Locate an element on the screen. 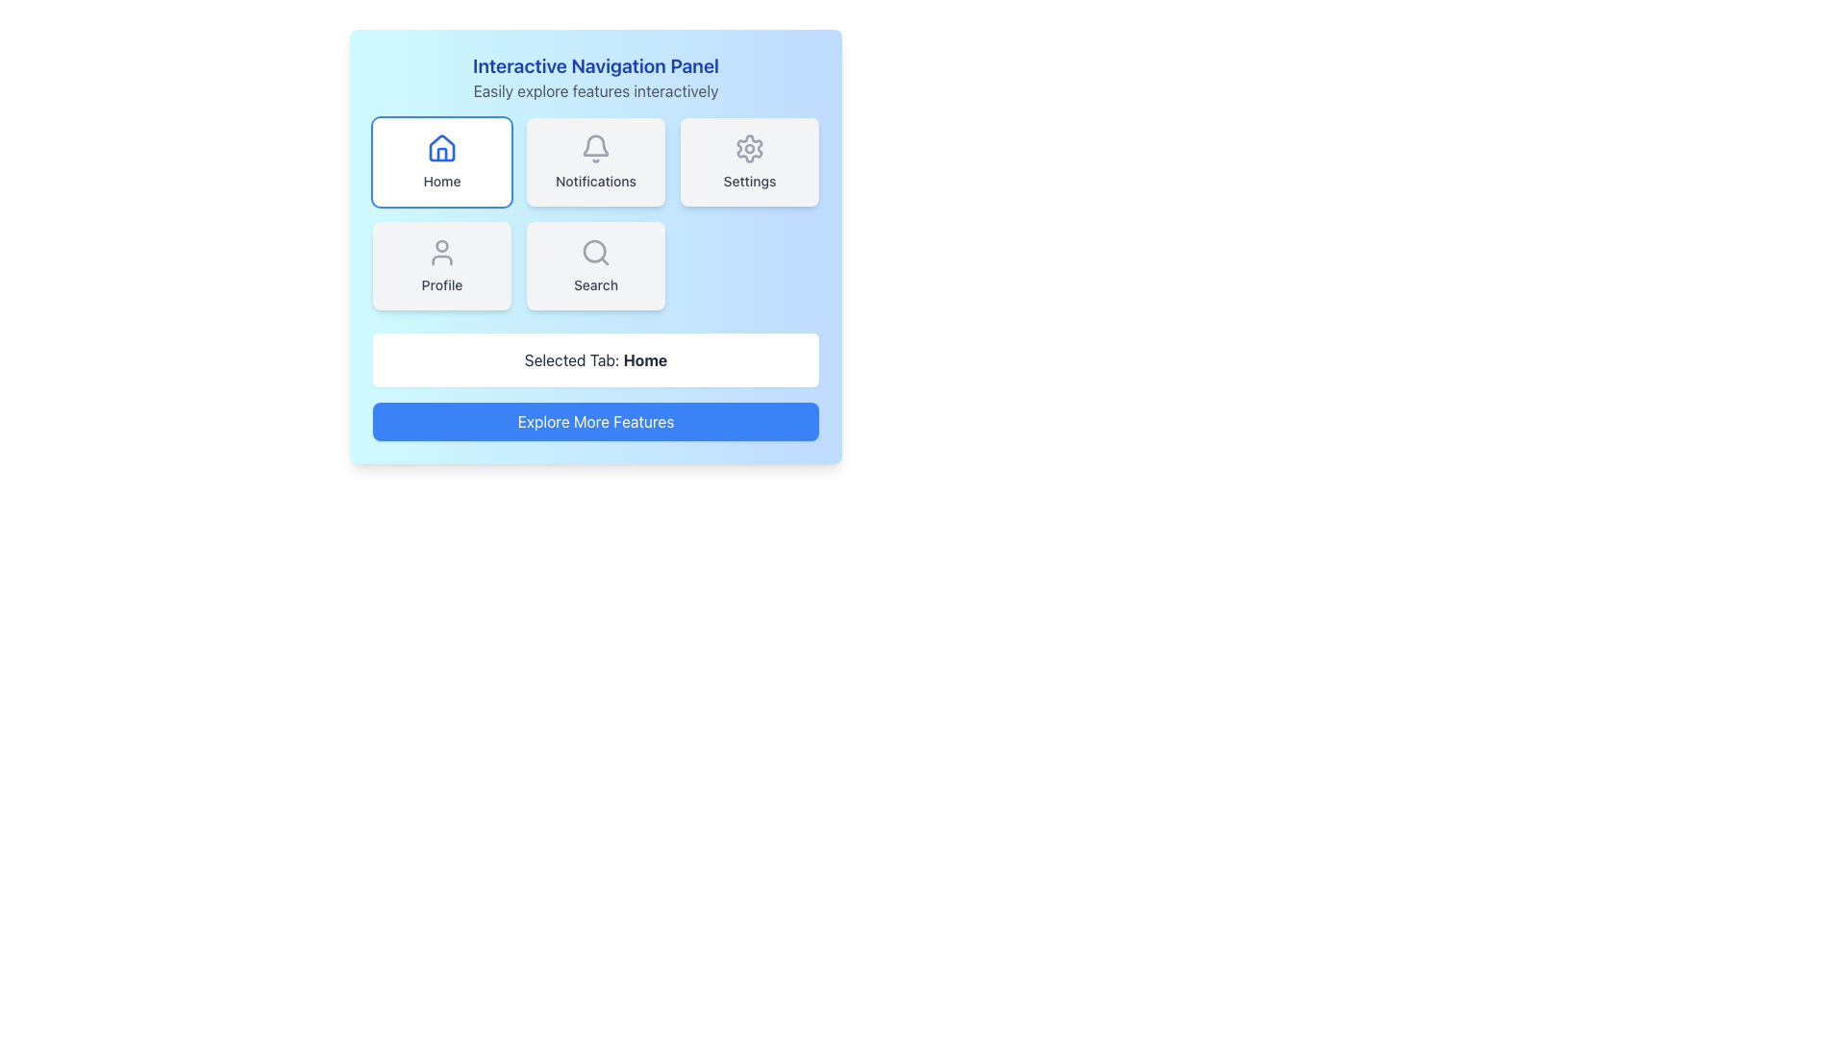 The width and height of the screenshot is (1846, 1038). the navigation button located at the top-left corner of the grid layout is located at coordinates (441, 161).